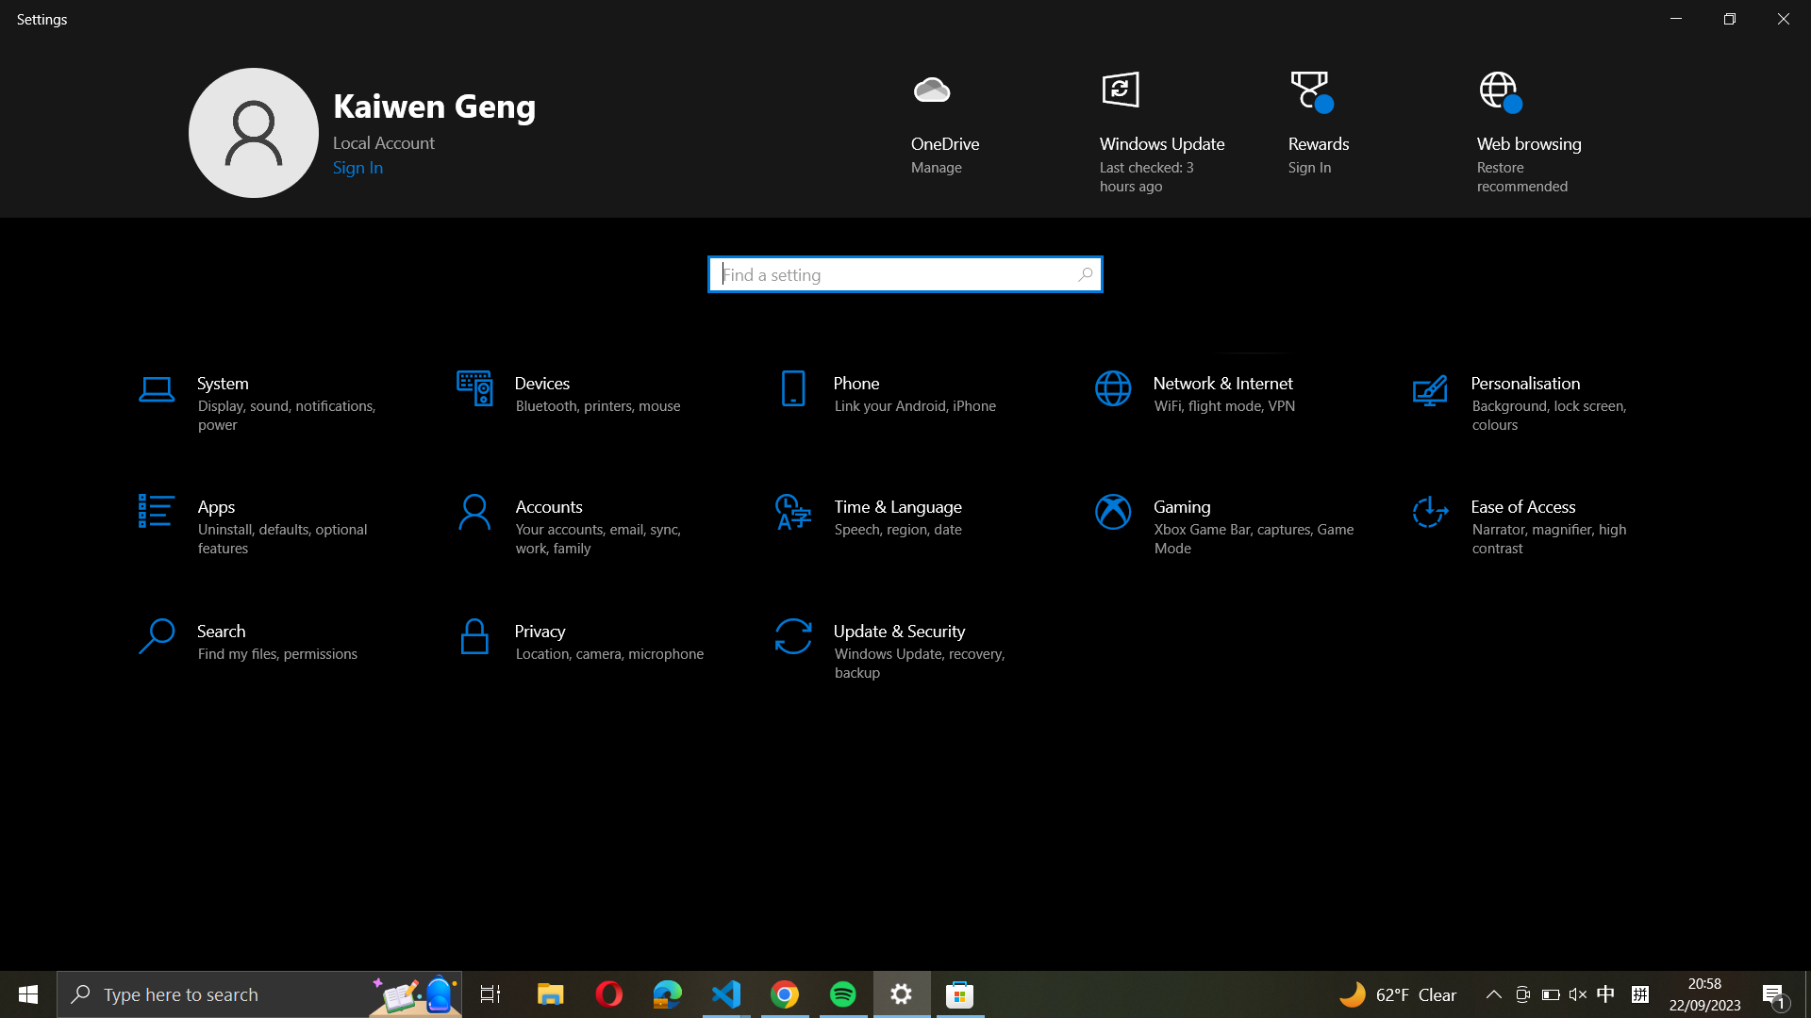  Describe the element at coordinates (583, 403) in the screenshot. I see `"Devices" settings` at that location.